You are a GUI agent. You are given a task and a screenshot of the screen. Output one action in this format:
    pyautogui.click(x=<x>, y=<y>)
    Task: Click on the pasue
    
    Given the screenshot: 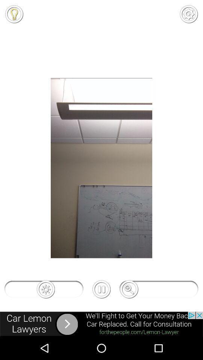 What is the action you would take?
    pyautogui.click(x=101, y=289)
    